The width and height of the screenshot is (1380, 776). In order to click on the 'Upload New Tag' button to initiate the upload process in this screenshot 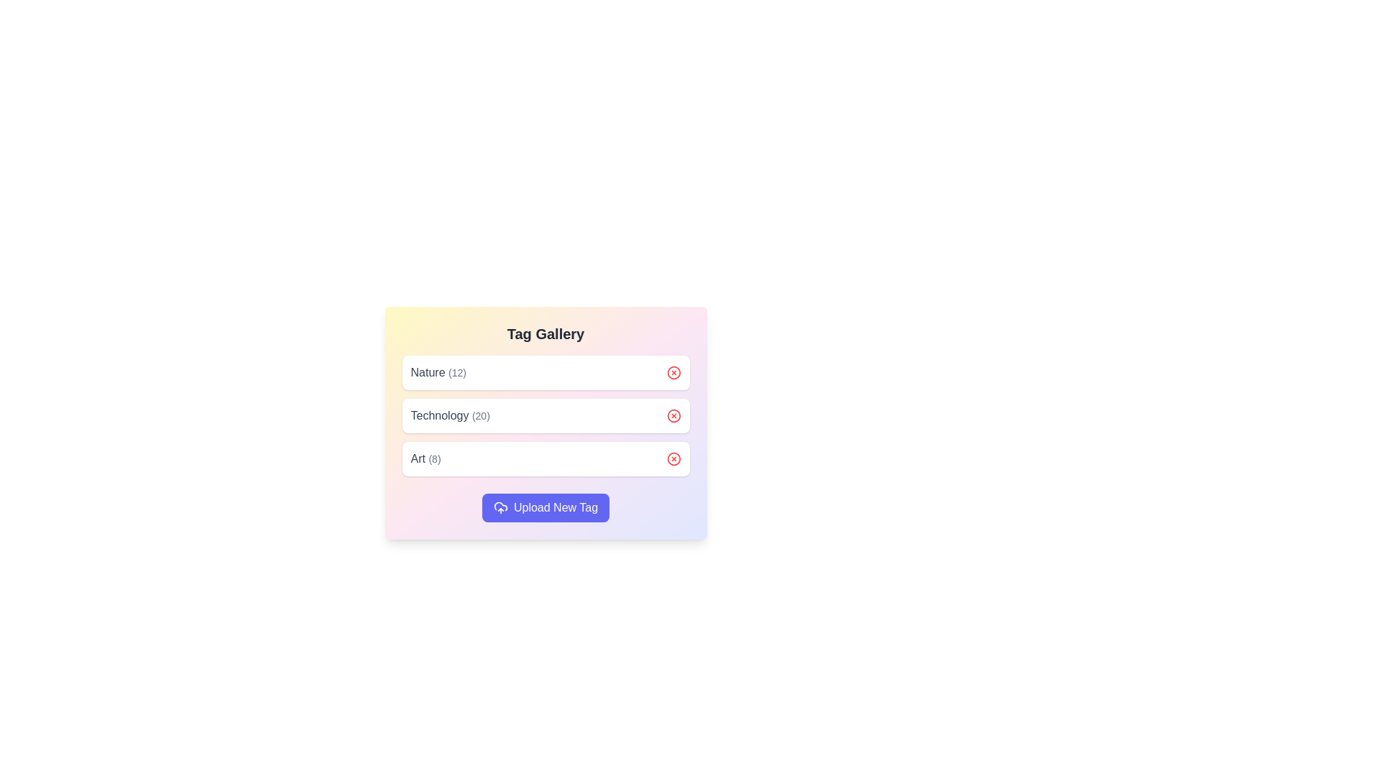, I will do `click(545, 507)`.